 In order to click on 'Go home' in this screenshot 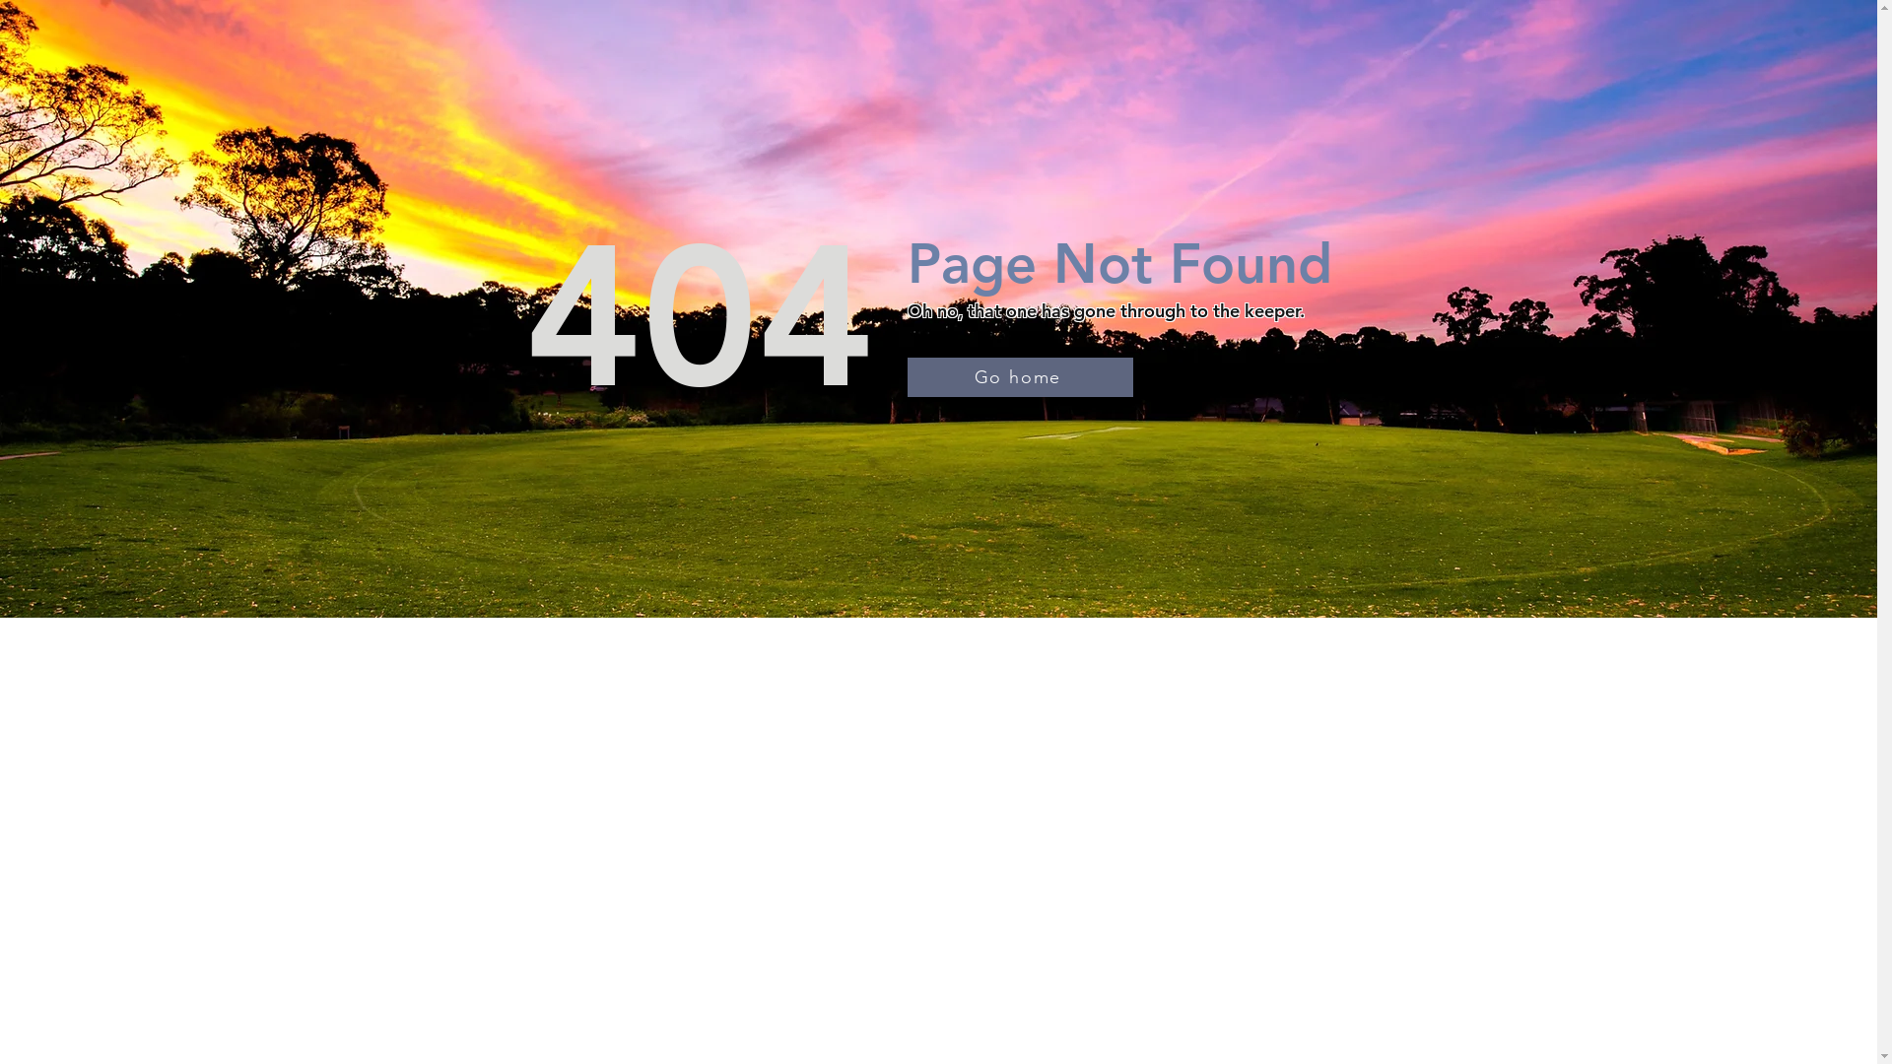, I will do `click(1019, 376)`.